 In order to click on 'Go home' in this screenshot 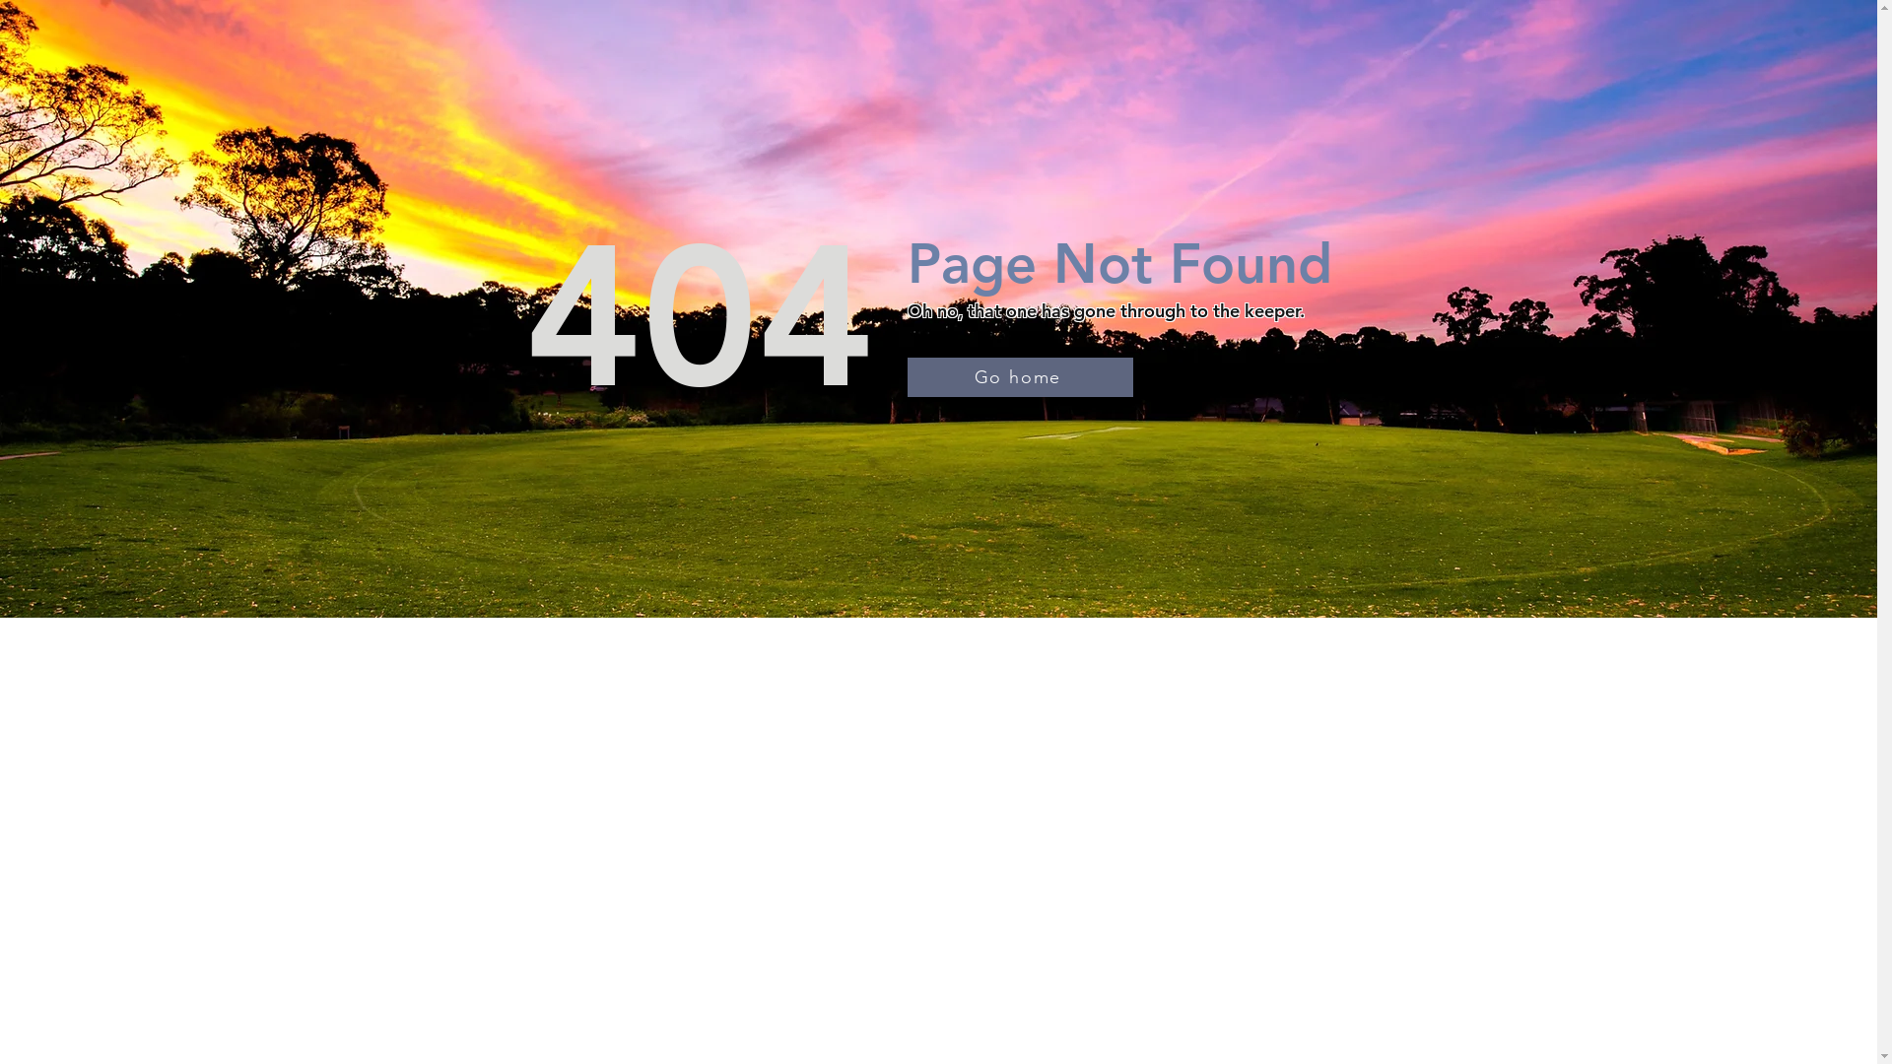, I will do `click(1019, 376)`.